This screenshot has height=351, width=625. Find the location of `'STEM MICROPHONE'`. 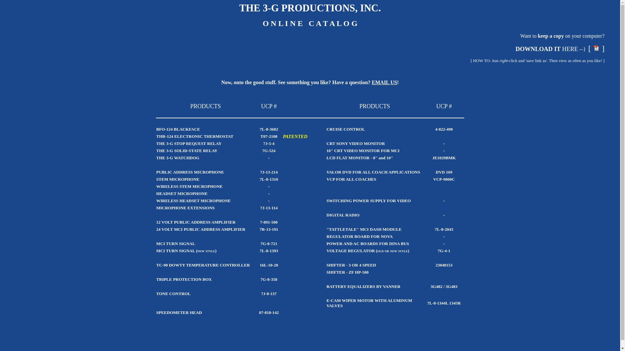

'STEM MICROPHONE' is located at coordinates (178, 179).